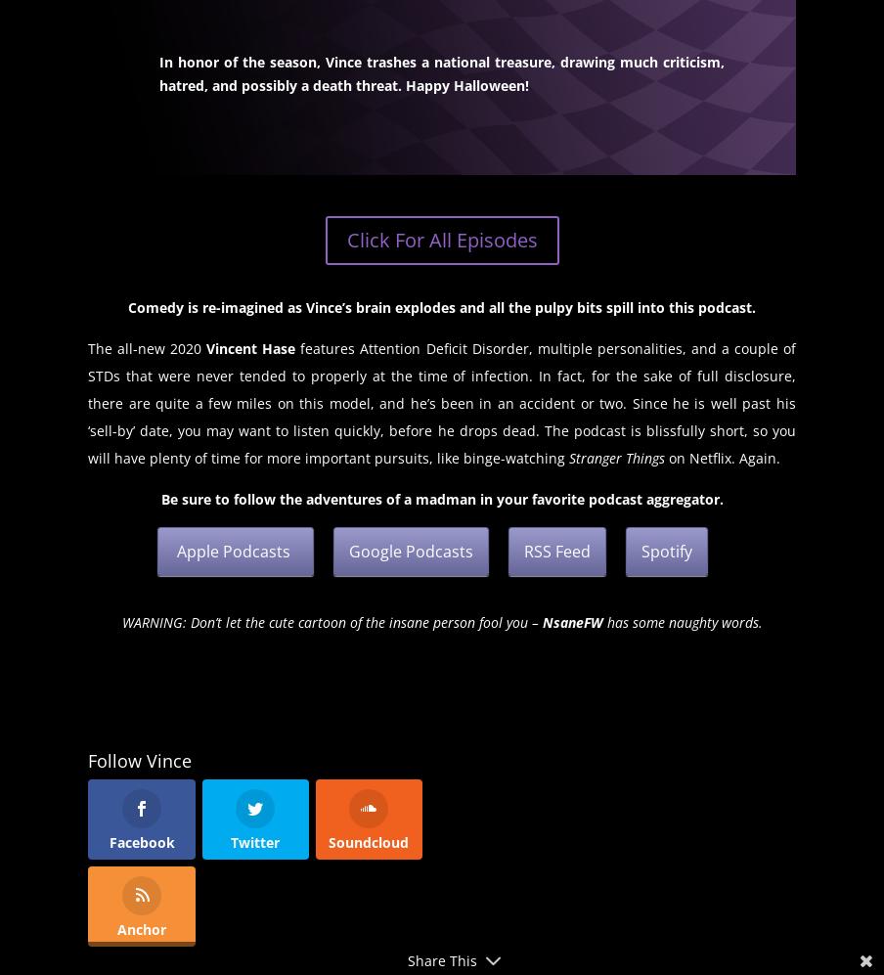 The height and width of the screenshot is (975, 884). Describe the element at coordinates (158, 498) in the screenshot. I see `'Be sure to follow the adventures of a madman in your favorite podcast aggregator.'` at that location.